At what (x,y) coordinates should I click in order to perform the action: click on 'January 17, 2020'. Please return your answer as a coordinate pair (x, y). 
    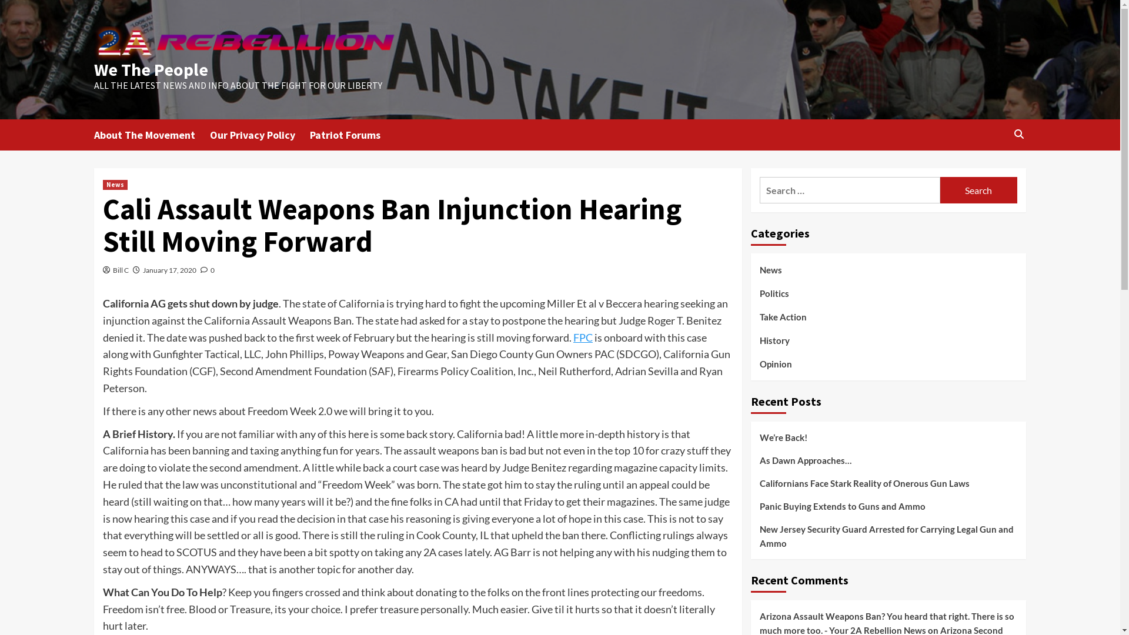
    Looking at the image, I should click on (169, 270).